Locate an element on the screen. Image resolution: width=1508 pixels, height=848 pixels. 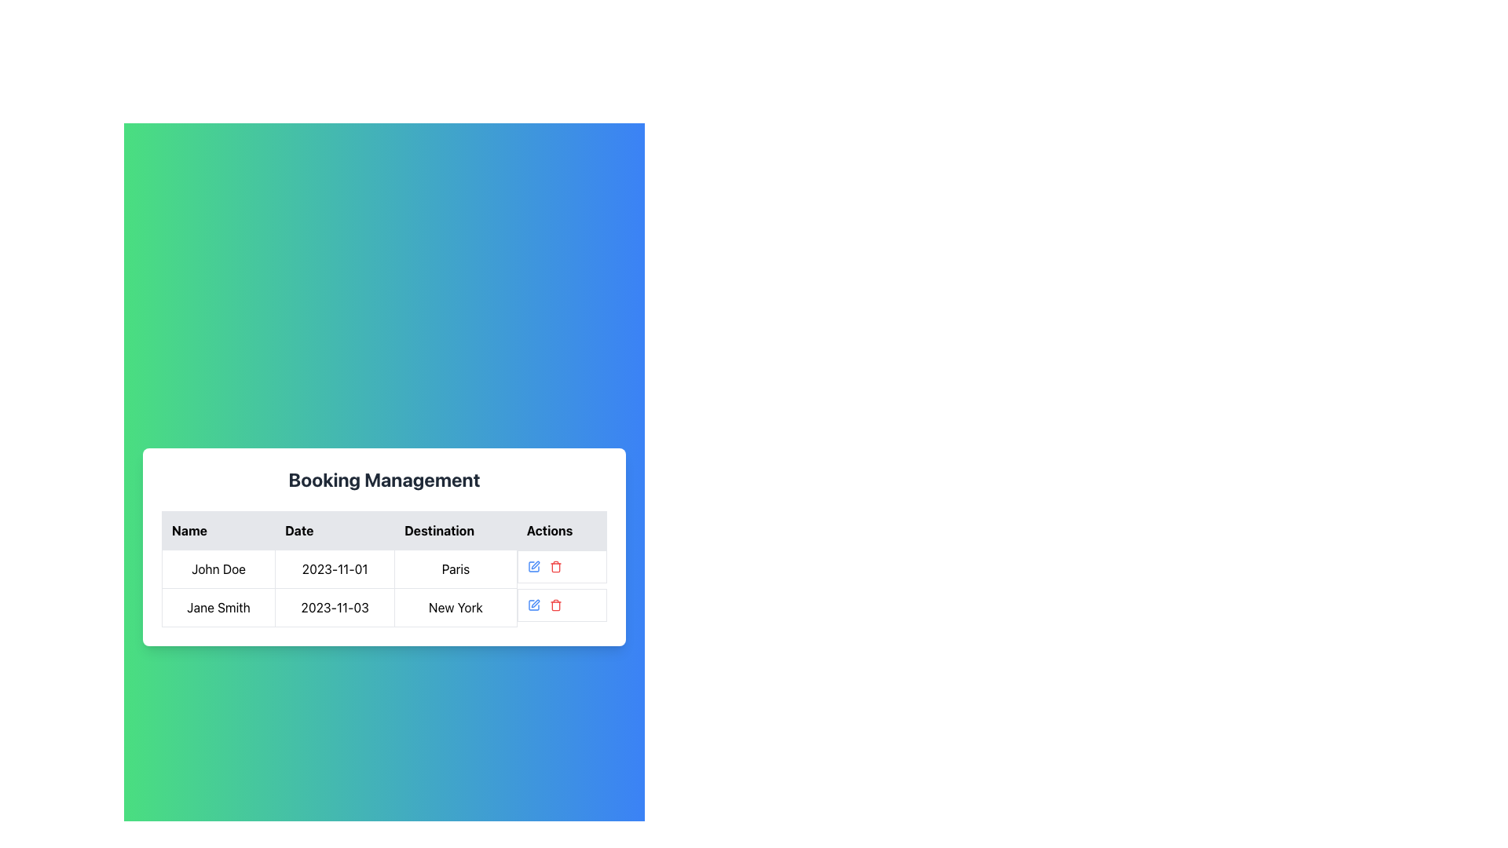
the red trash icon button in the Actions column of the second row is located at coordinates (555, 566).